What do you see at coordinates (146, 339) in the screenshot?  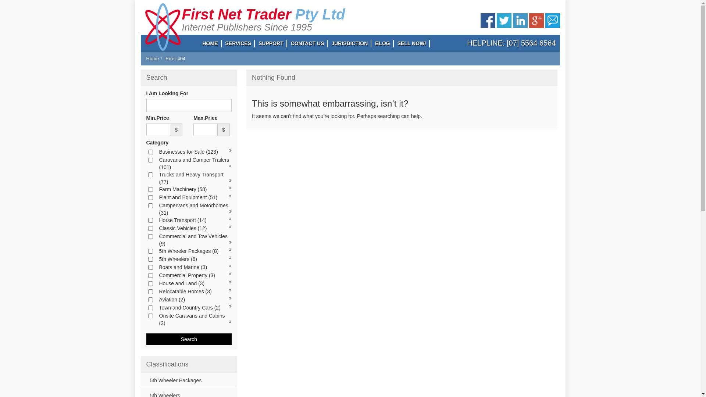 I see `'Search'` at bounding box center [146, 339].